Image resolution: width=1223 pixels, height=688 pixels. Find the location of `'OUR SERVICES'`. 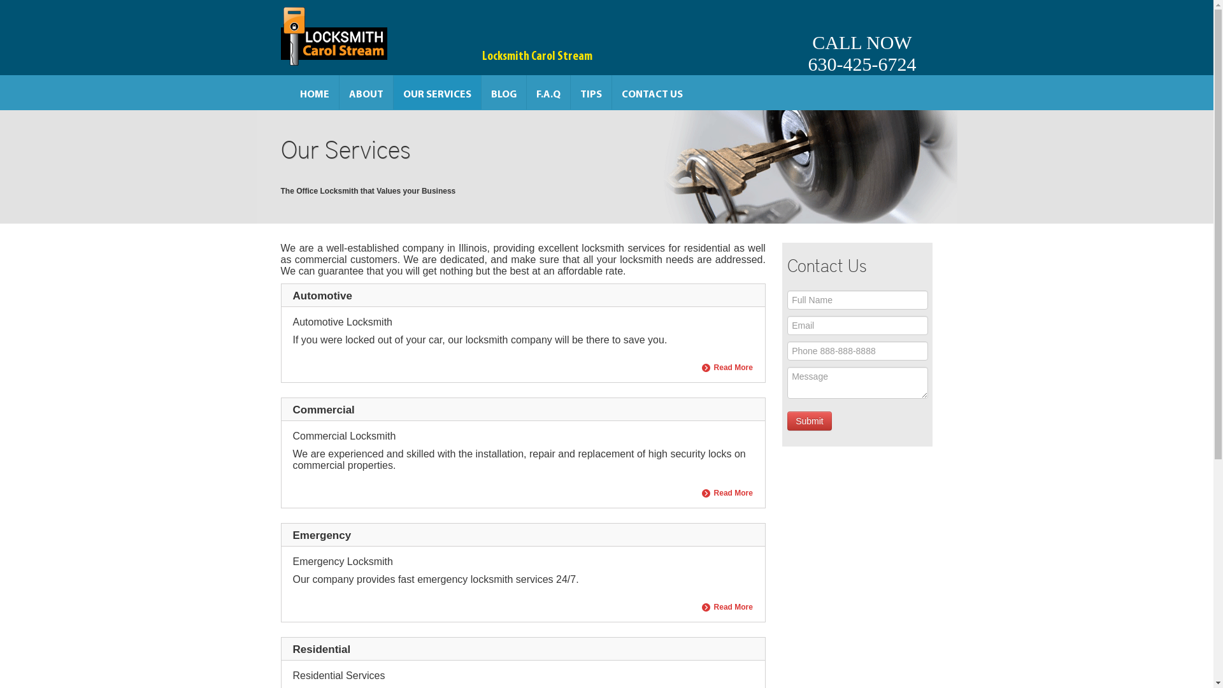

'OUR SERVICES' is located at coordinates (437, 92).